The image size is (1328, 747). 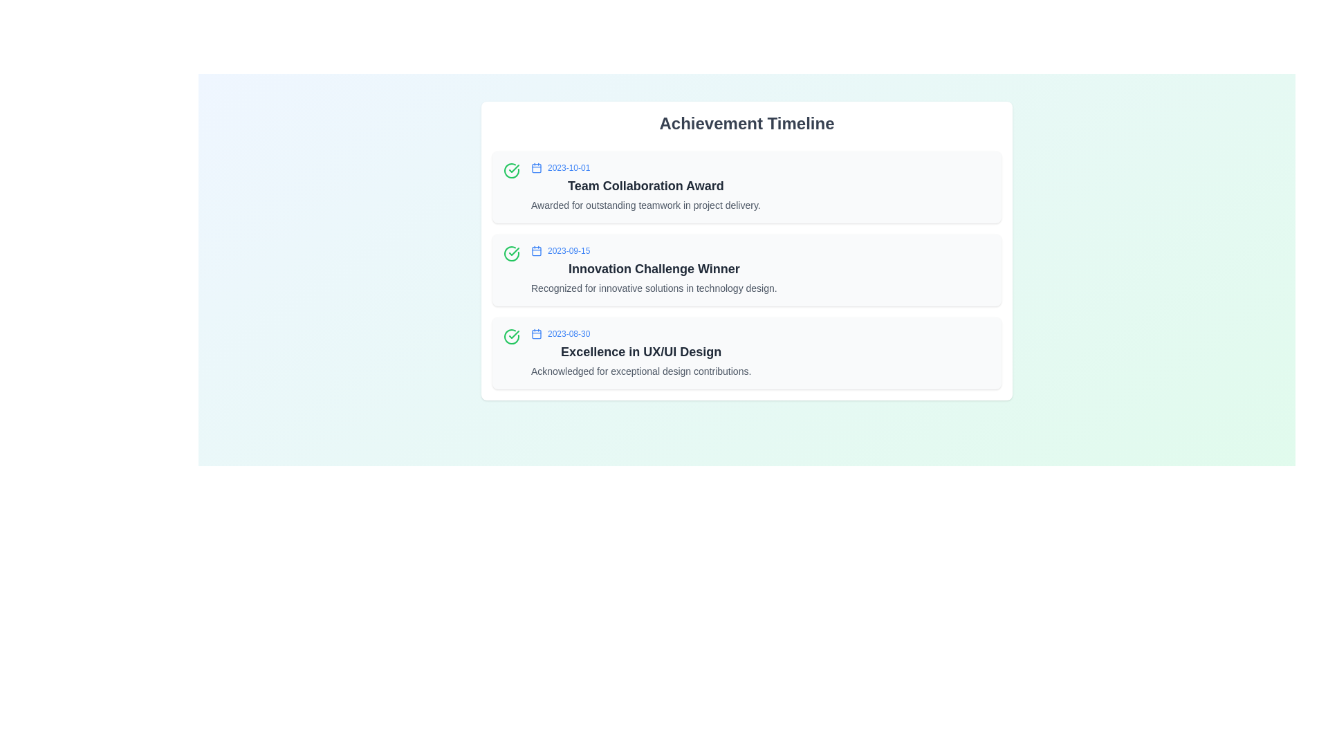 What do you see at coordinates (645, 205) in the screenshot?
I see `the static text label located below the 'Team Collaboration Award' title, which is styled in a small light gray sans-serif font` at bounding box center [645, 205].